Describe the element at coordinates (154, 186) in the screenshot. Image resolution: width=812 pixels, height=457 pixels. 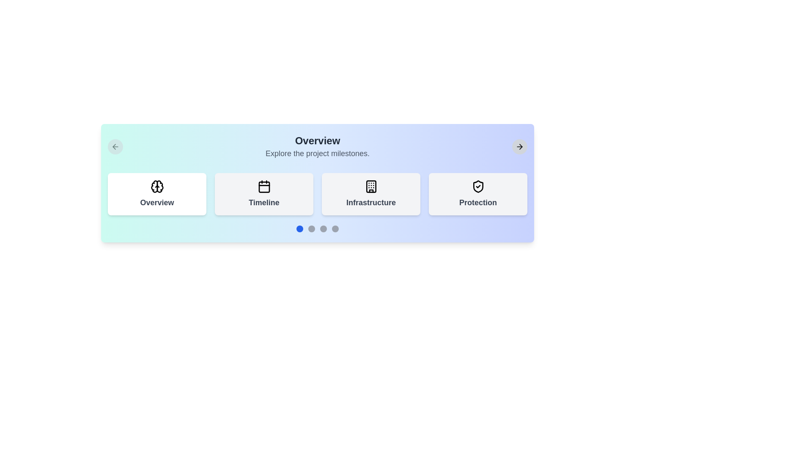
I see `the left hemisphere of the brain SVG element, which is part of the 'Overview' button located in the top-left area of a card layout` at that location.